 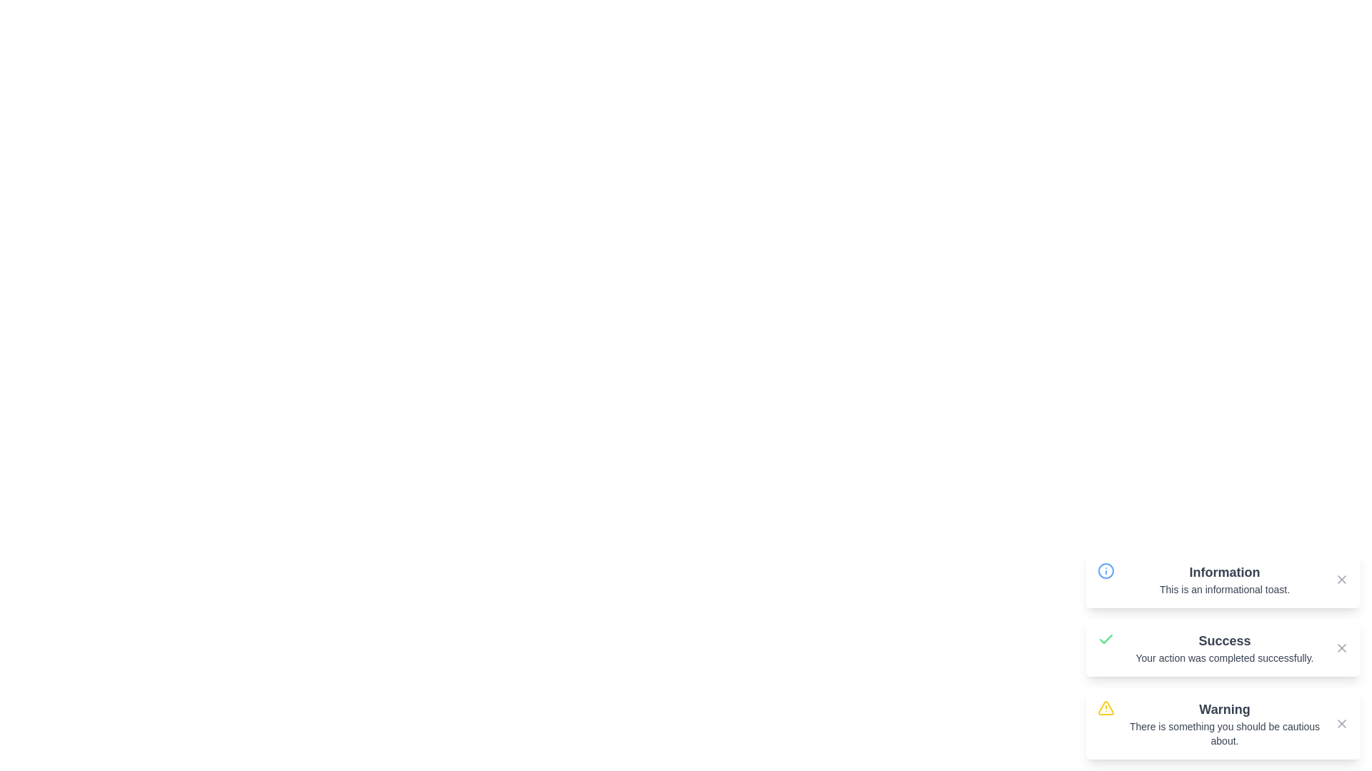 What do you see at coordinates (1341, 647) in the screenshot?
I see `the Close button located at the end of the 'Success' notification box` at bounding box center [1341, 647].